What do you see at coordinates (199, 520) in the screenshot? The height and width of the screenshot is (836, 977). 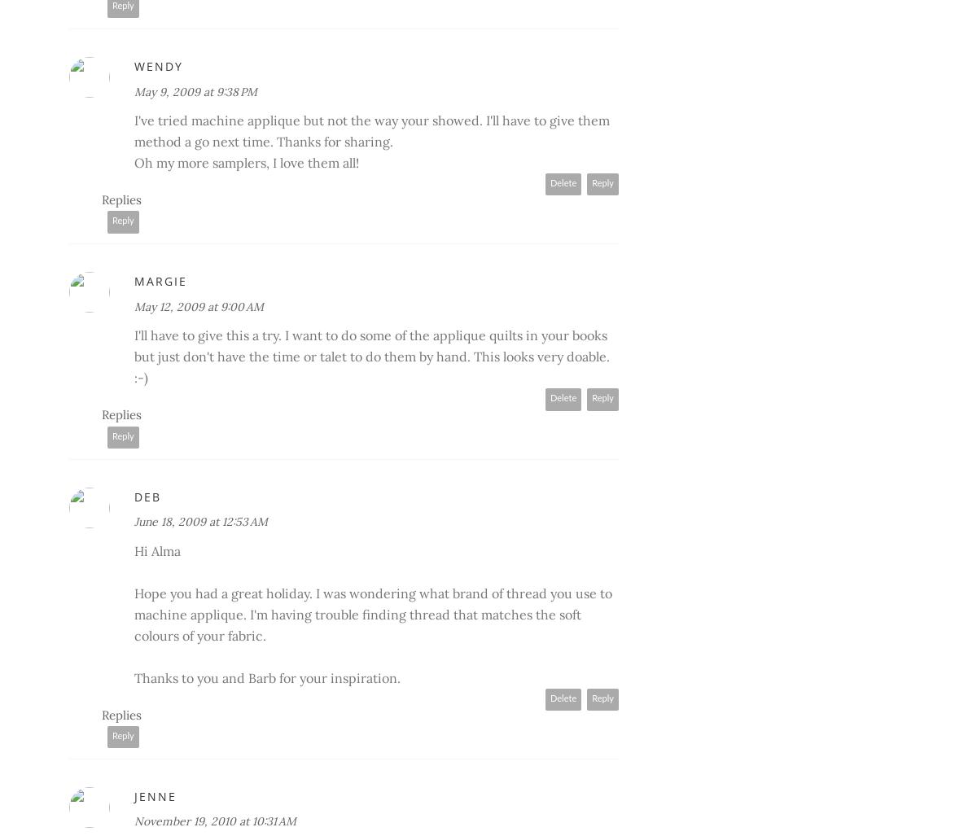 I see `'June 18, 2009 at 12:53 AM'` at bounding box center [199, 520].